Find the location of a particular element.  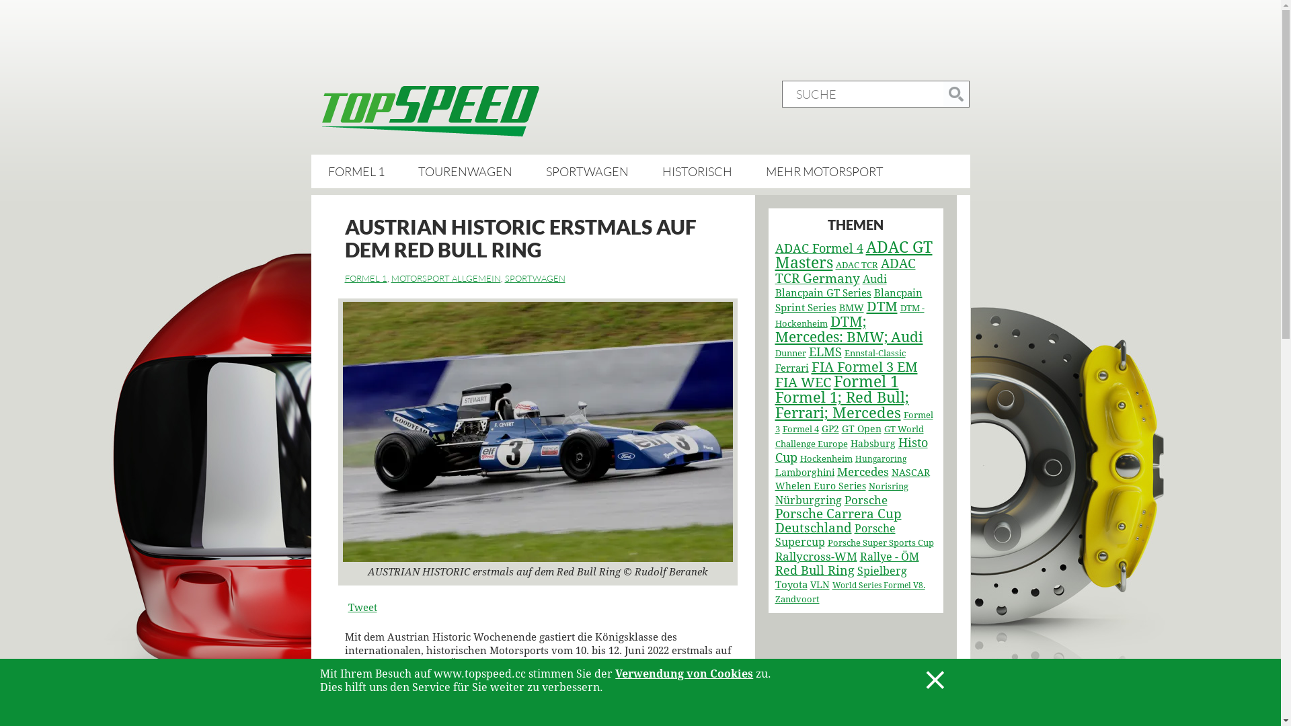

'HISTORISCH' is located at coordinates (661, 170).